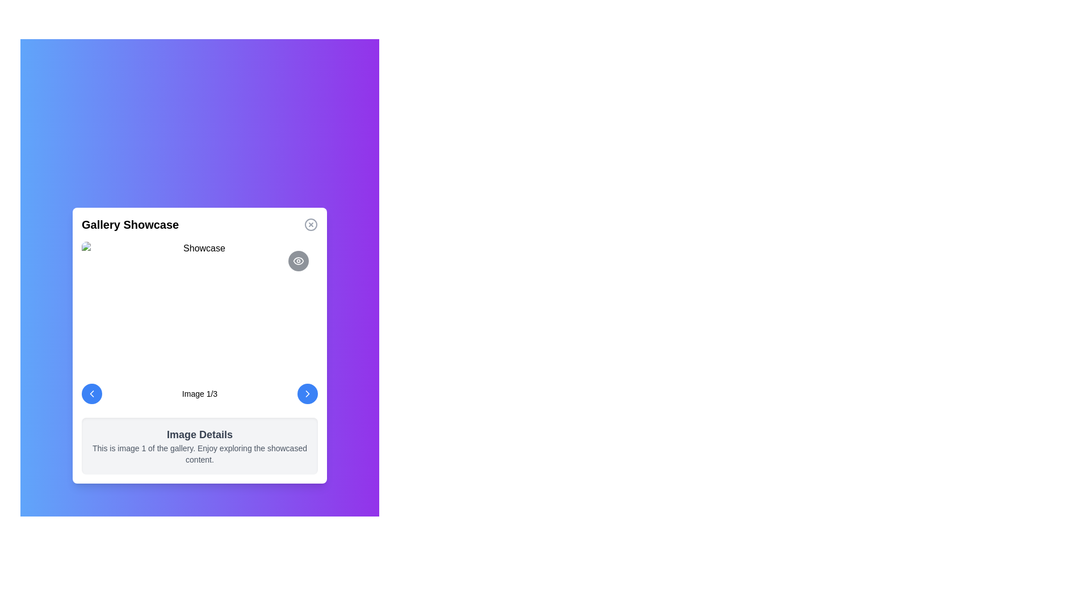 This screenshot has height=613, width=1090. I want to click on the outer arc of the eye-shaped icon located in the top-right corner of the modal dialog, which is part of a larger SVG image, so click(299, 261).